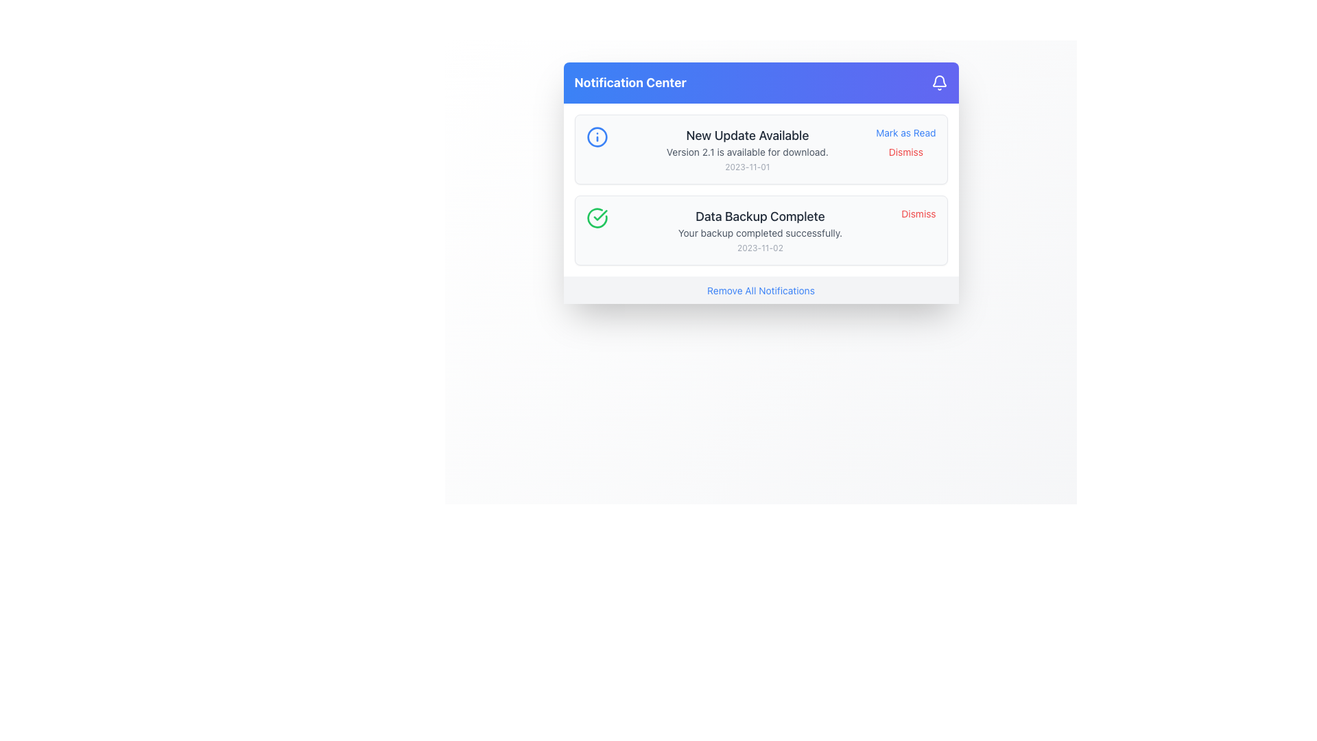 The image size is (1317, 741). What do you see at coordinates (746, 135) in the screenshot?
I see `text from the 'New Update Available' label, which is prominently situated in the Notification Center's primary content area` at bounding box center [746, 135].